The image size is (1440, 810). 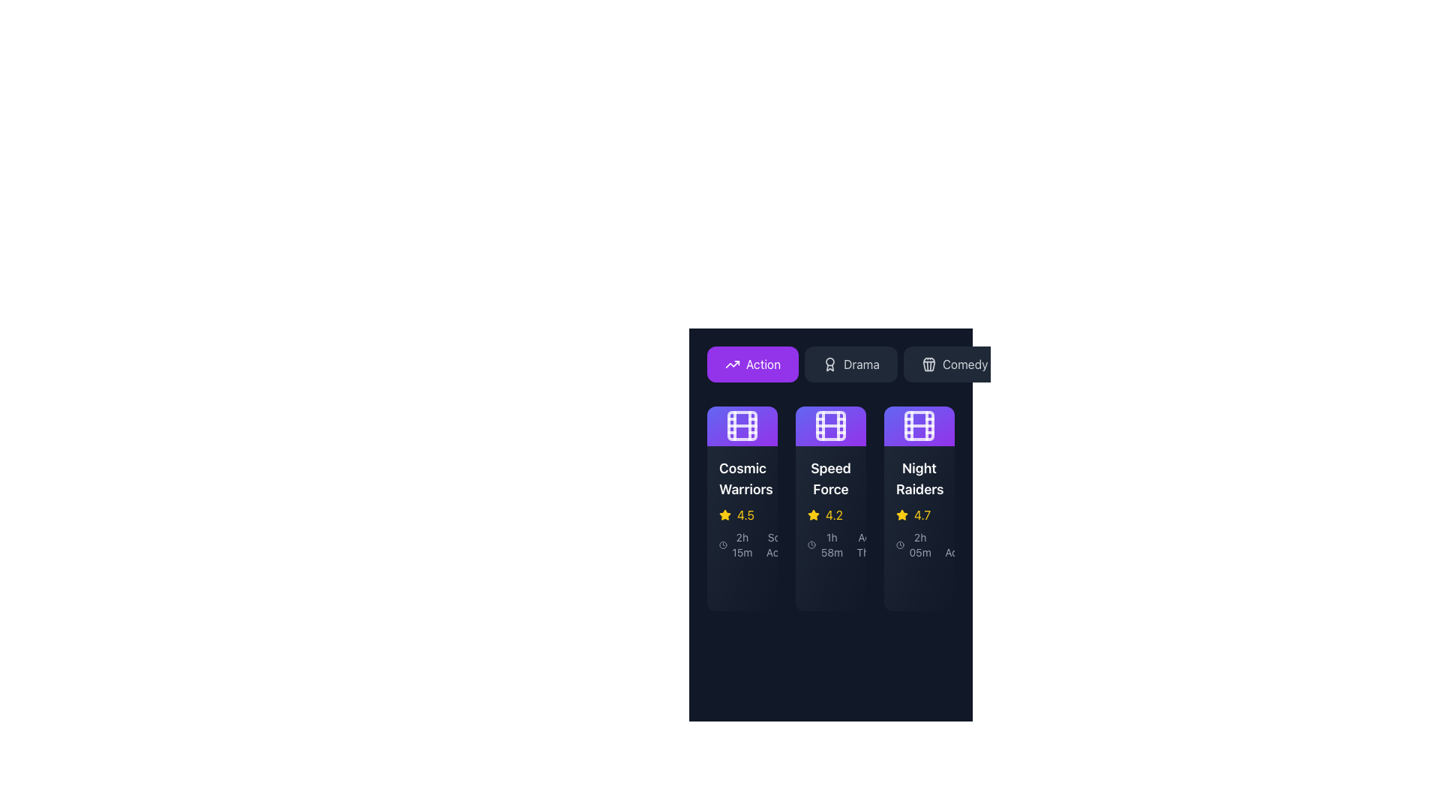 What do you see at coordinates (763, 364) in the screenshot?
I see `on the 'Action' text label within the purple button located in the top-left section of the interface, next` at bounding box center [763, 364].